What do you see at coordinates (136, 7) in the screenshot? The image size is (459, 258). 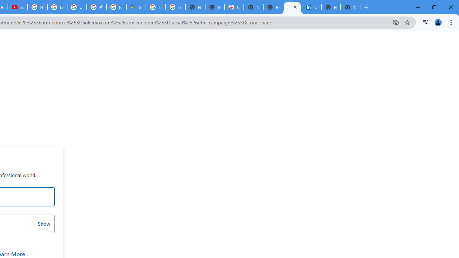 I see `'Google Maps'` at bounding box center [136, 7].